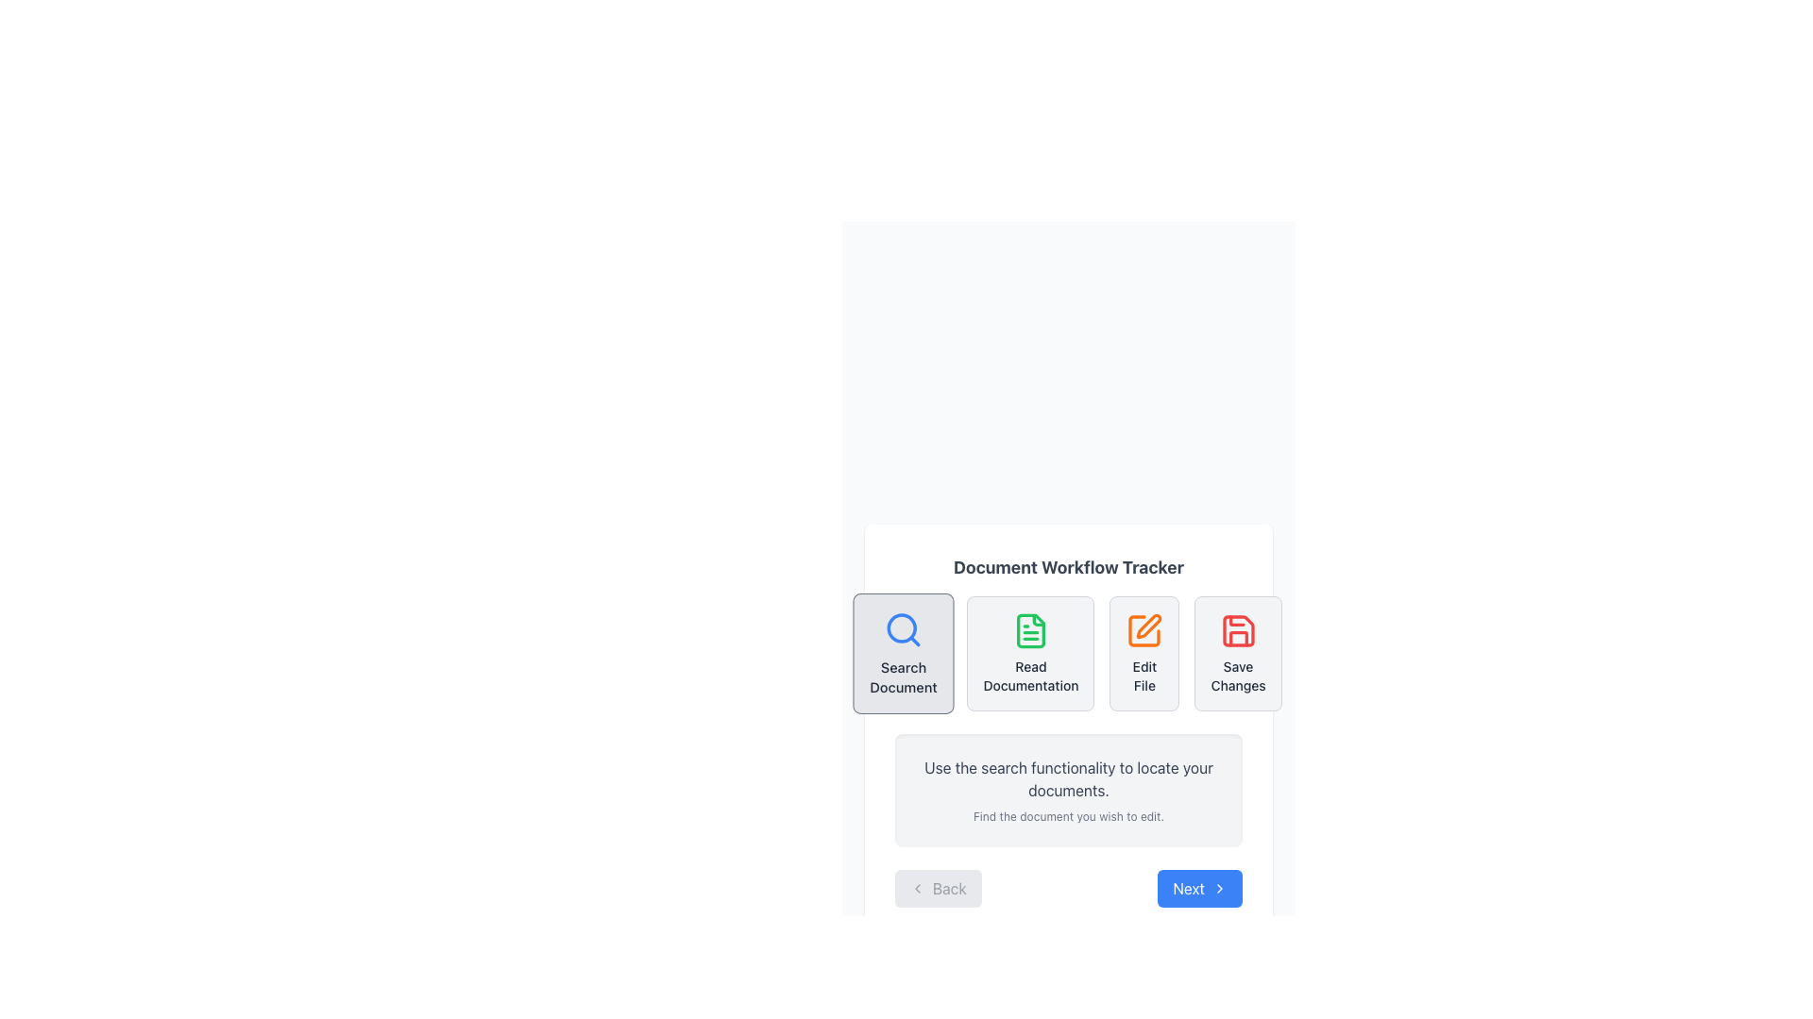 The image size is (1813, 1019). What do you see at coordinates (1029, 630) in the screenshot?
I see `the 'Read Documentation' icon, which is the second action in a row of four workflow options` at bounding box center [1029, 630].